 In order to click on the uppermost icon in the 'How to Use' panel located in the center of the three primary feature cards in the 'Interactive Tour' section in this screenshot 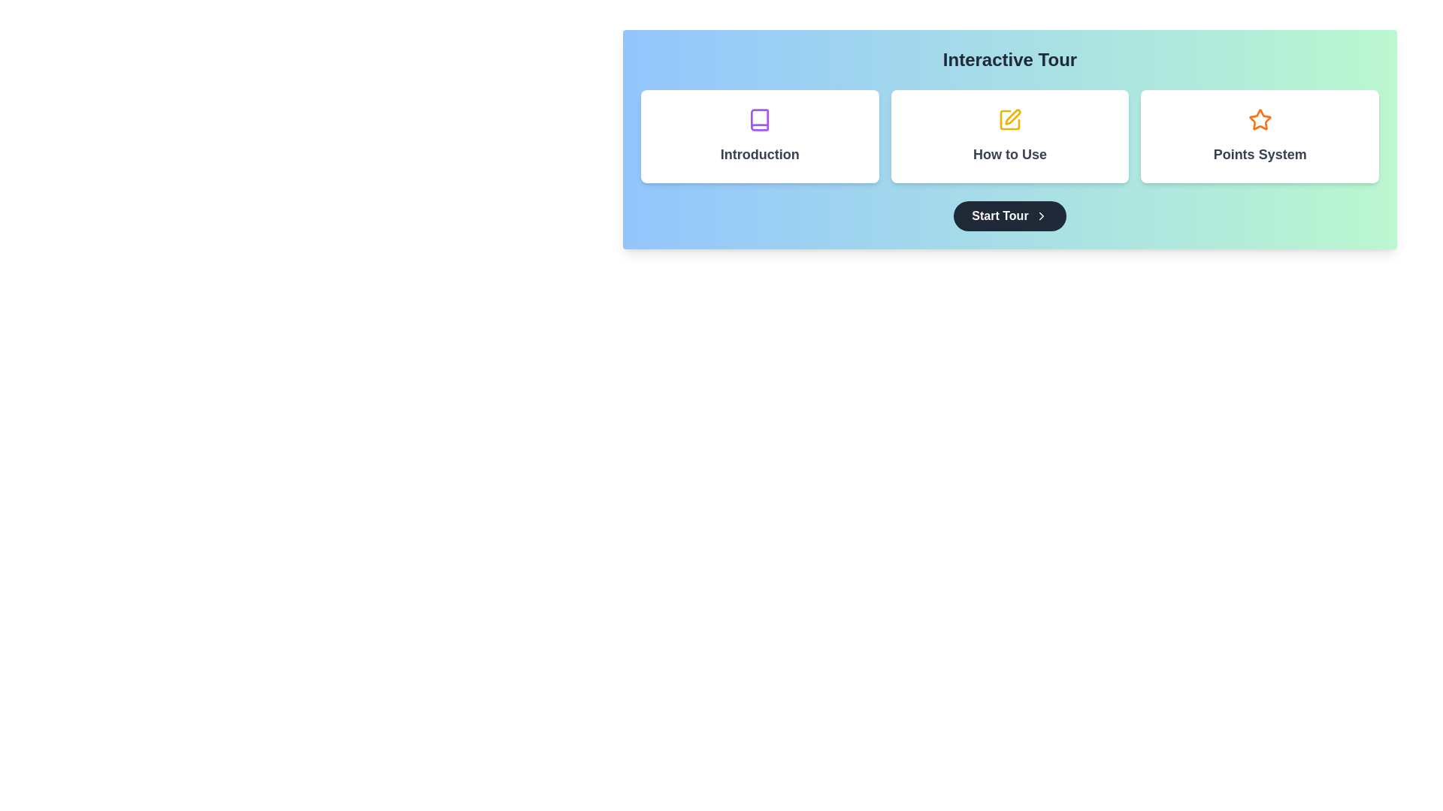, I will do `click(1010, 119)`.